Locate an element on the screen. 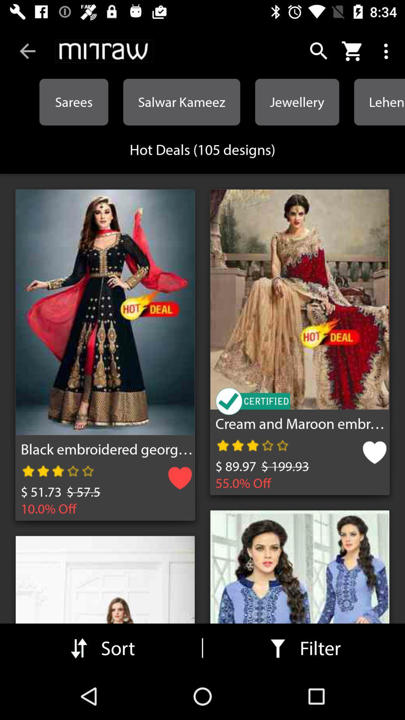 The width and height of the screenshot is (405, 720). item above the sarees is located at coordinates (27, 51).